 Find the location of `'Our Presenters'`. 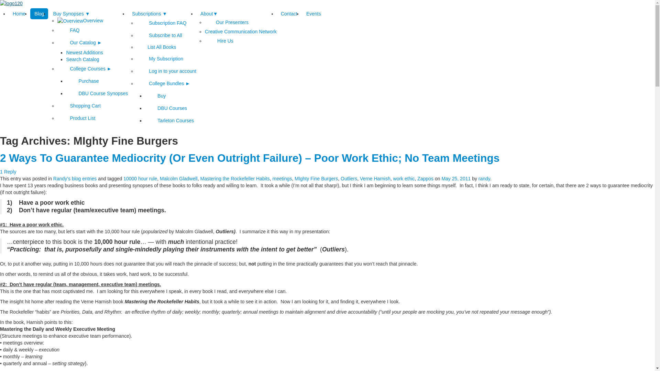

'Our Presenters' is located at coordinates (227, 22).